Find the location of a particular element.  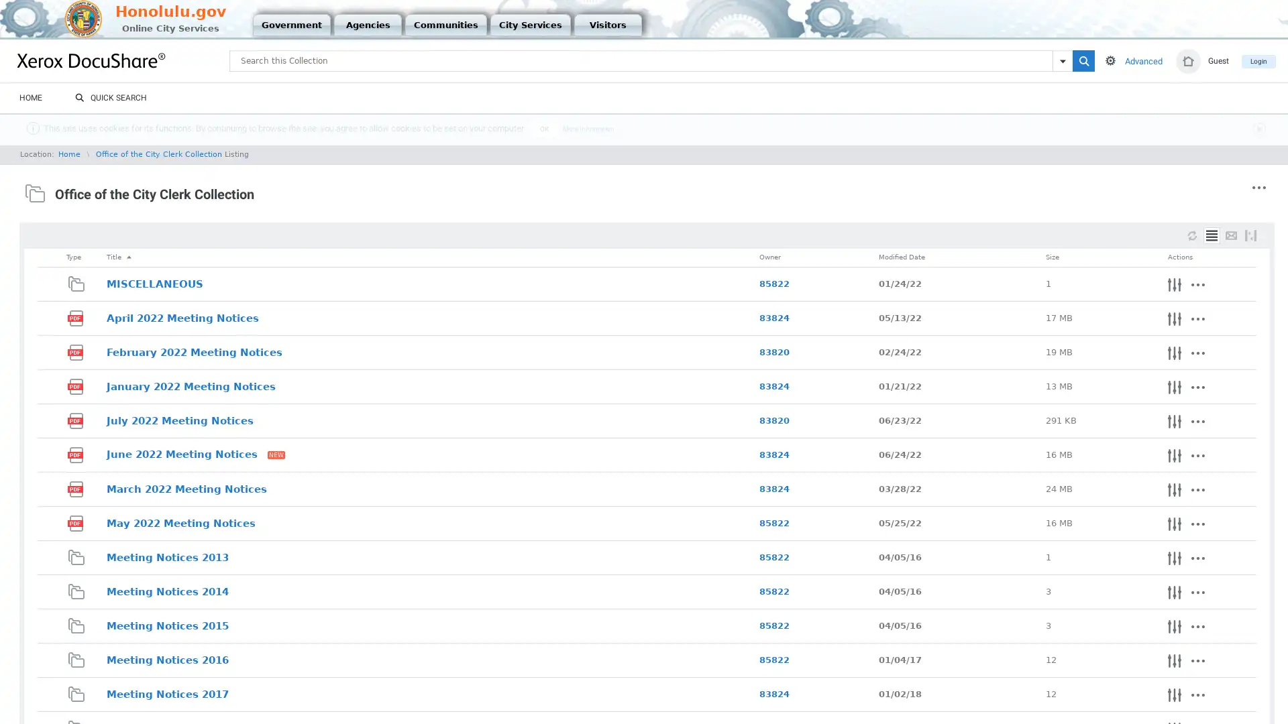

= is located at coordinates (1083, 61).